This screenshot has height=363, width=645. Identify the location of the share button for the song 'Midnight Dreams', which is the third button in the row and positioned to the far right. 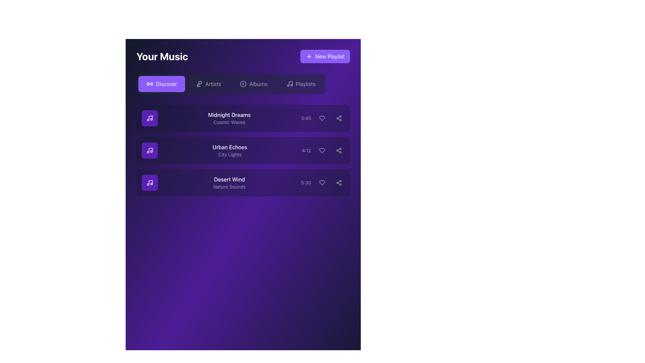
(339, 118).